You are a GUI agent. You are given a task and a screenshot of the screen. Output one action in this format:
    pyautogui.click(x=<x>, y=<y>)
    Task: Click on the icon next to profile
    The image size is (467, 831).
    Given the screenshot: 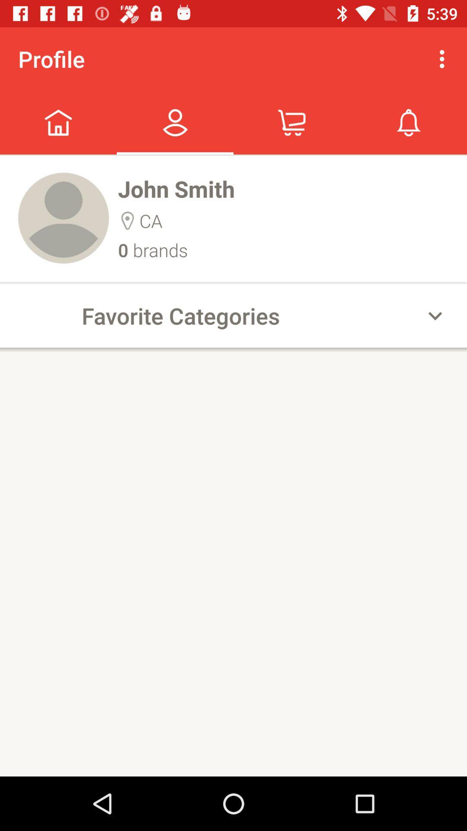 What is the action you would take?
    pyautogui.click(x=444, y=58)
    